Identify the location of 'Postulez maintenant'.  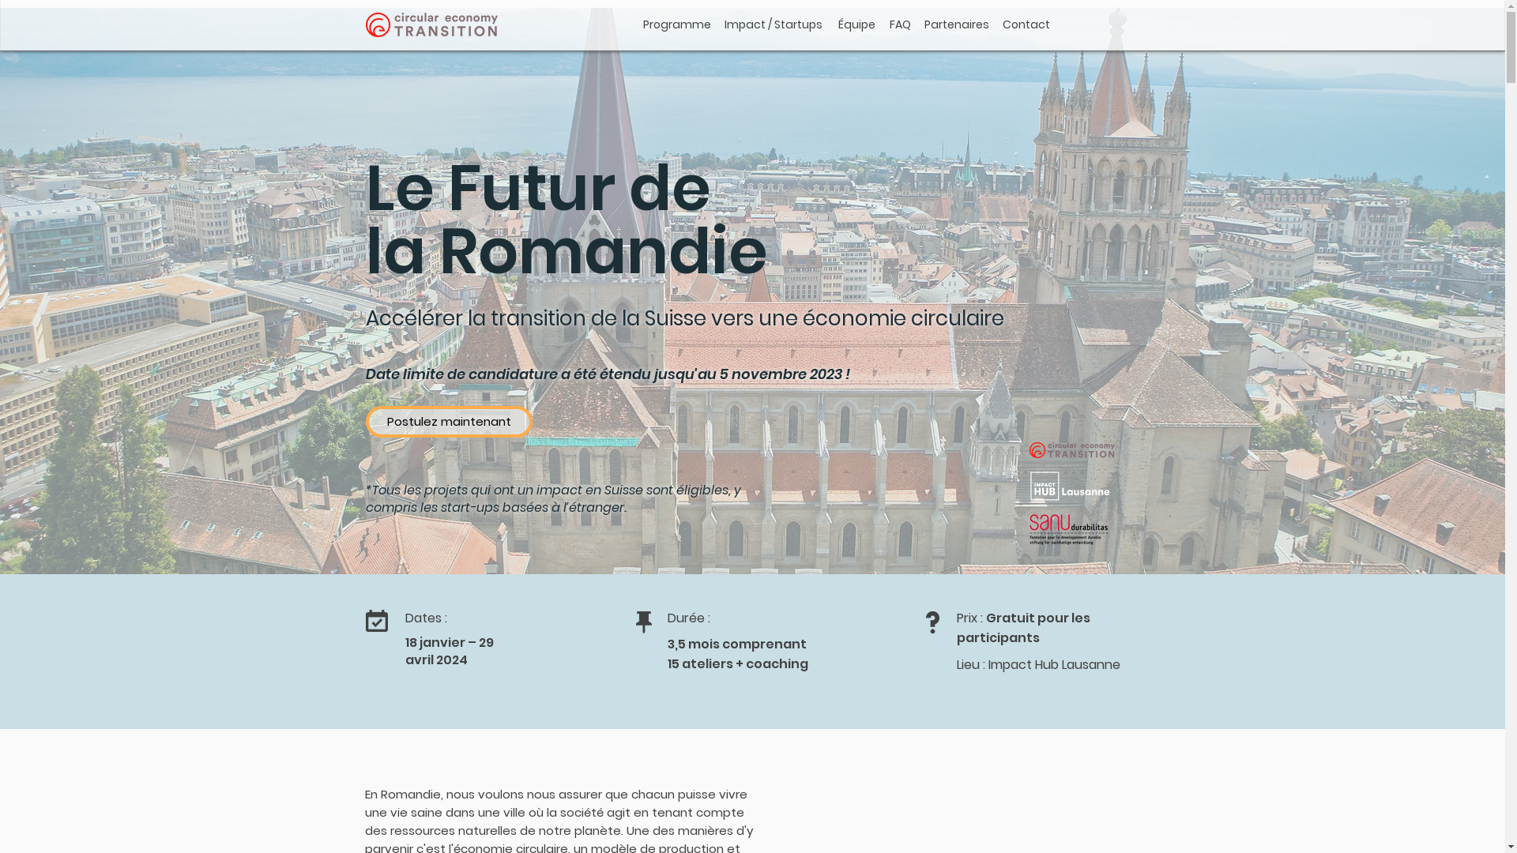
(447, 420).